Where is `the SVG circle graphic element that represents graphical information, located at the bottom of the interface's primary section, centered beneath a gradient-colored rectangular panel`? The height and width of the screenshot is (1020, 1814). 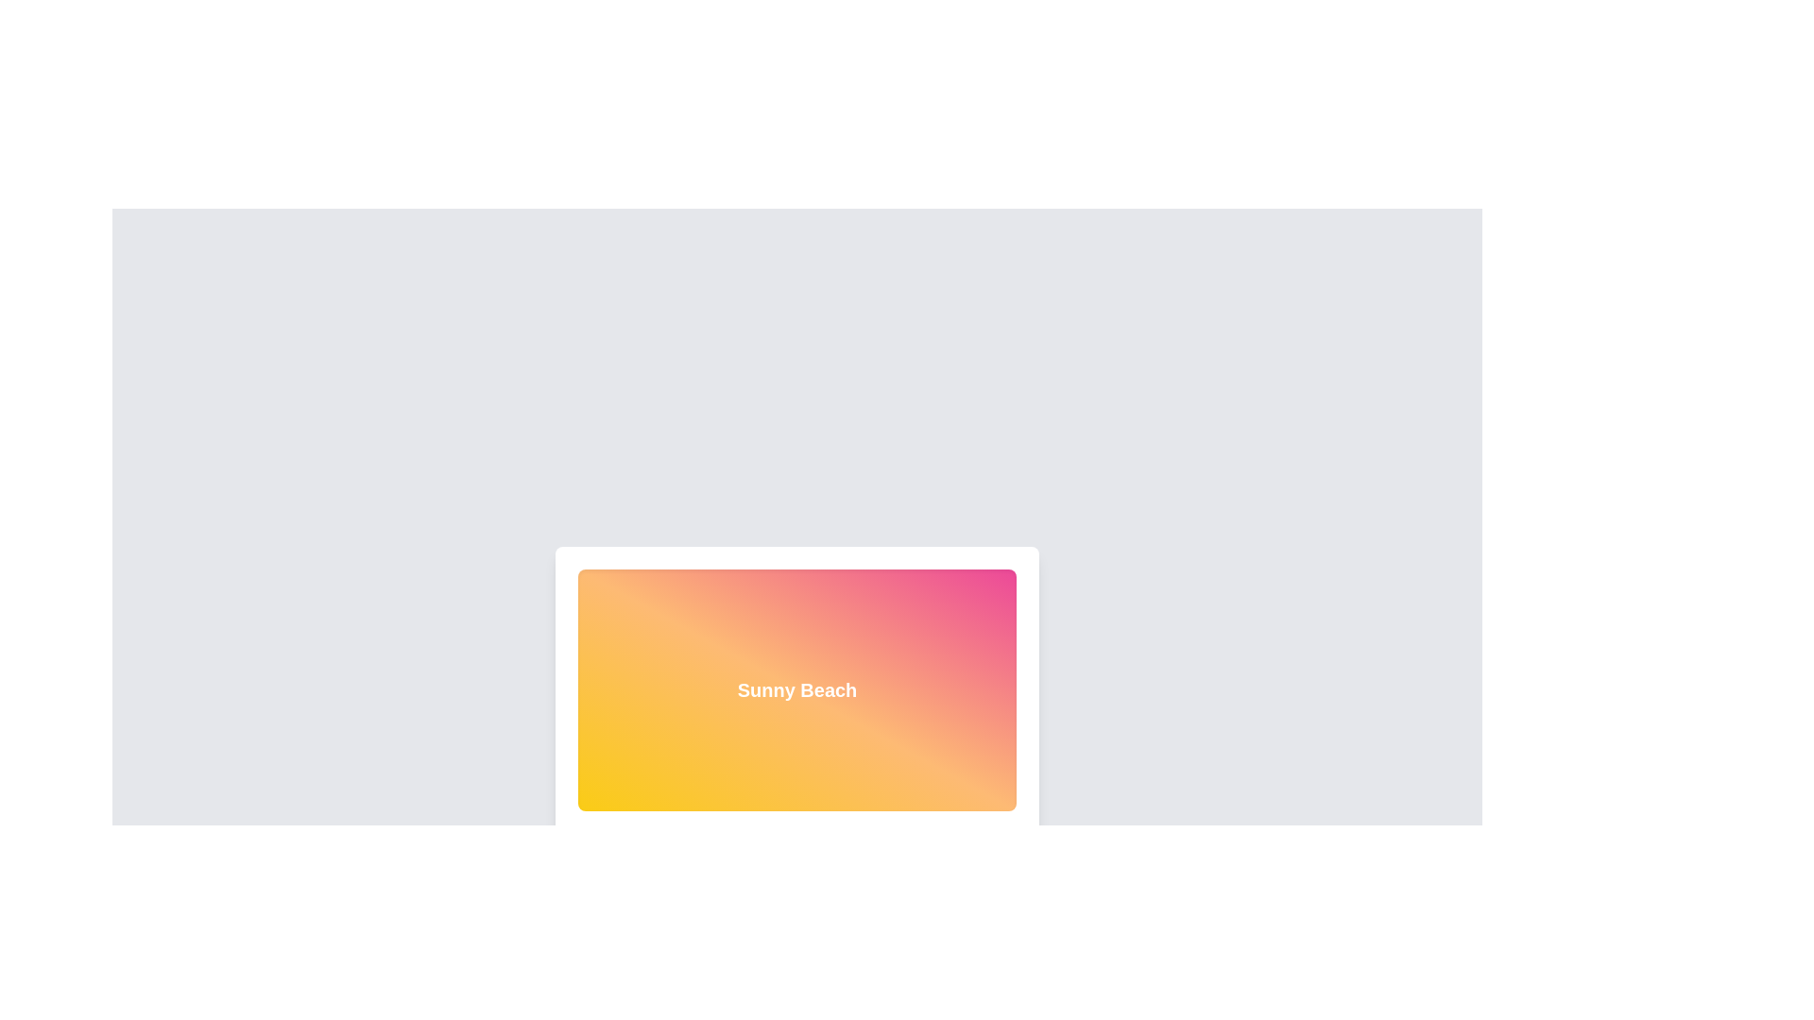
the SVG circle graphic element that represents graphical information, located at the bottom of the interface's primary section, centered beneath a gradient-colored rectangular panel is located at coordinates (797, 838).